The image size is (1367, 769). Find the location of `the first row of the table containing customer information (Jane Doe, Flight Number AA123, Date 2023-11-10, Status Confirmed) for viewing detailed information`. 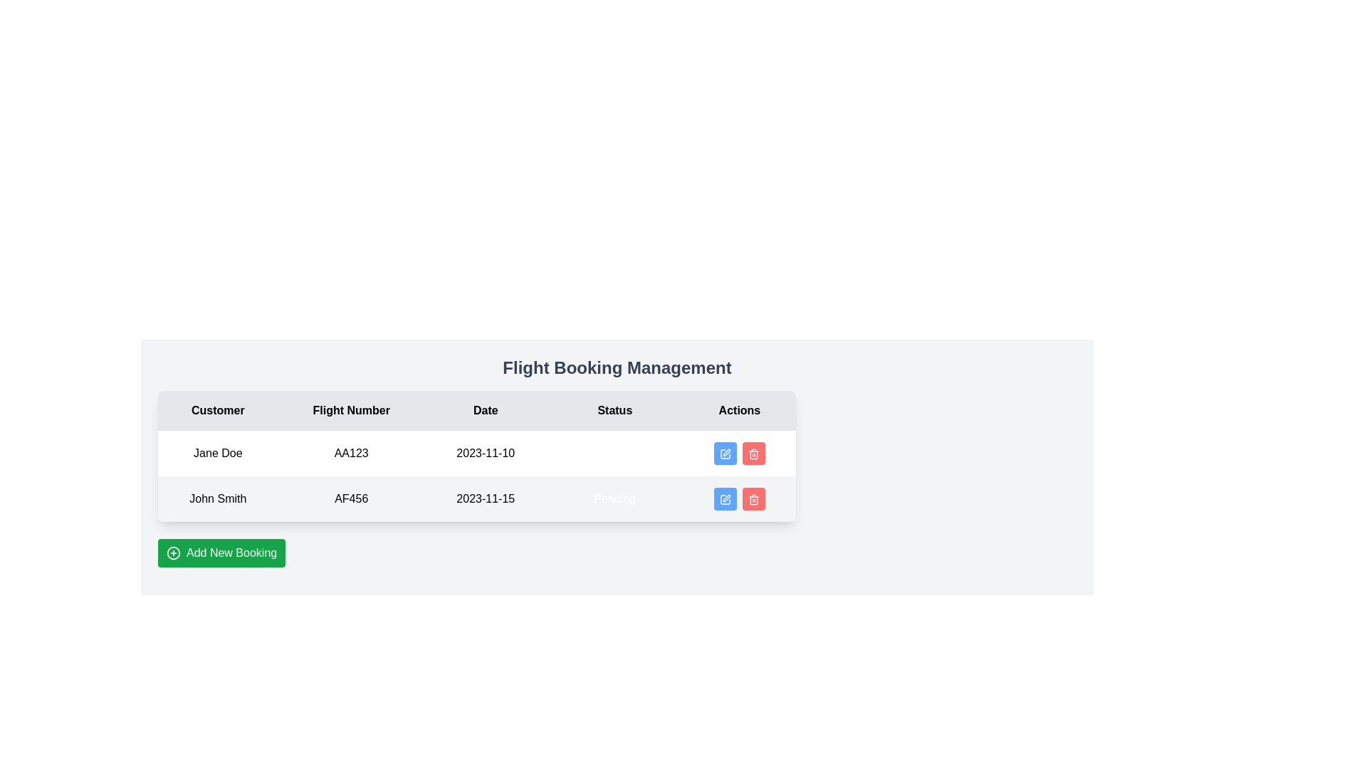

the first row of the table containing customer information (Jane Doe, Flight Number AA123, Date 2023-11-10, Status Confirmed) for viewing detailed information is located at coordinates (477, 453).